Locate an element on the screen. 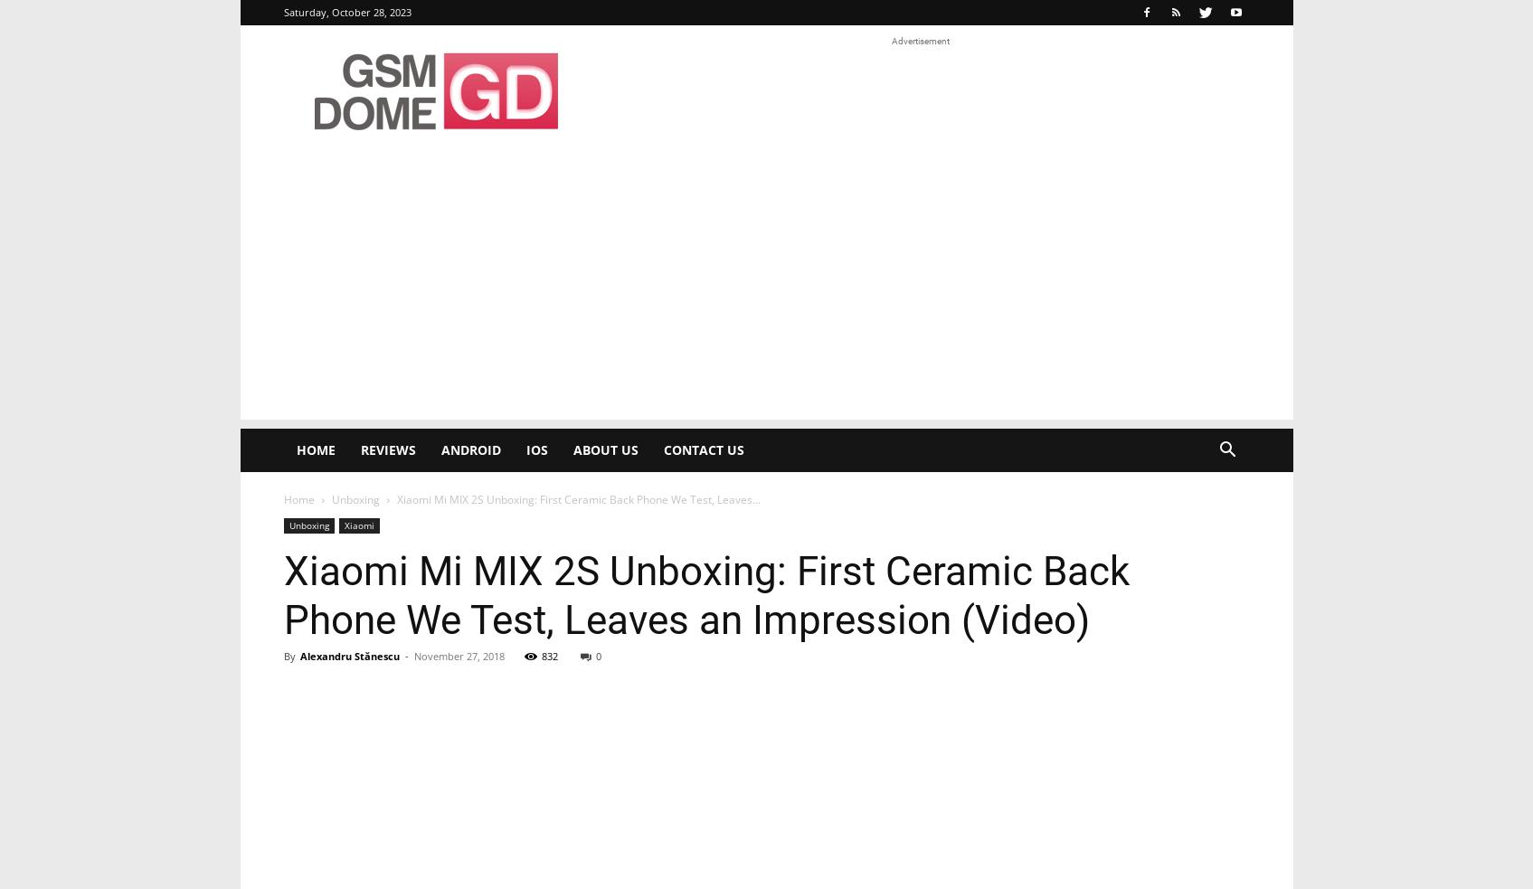 This screenshot has width=1533, height=889. 'By' is located at coordinates (289, 655).